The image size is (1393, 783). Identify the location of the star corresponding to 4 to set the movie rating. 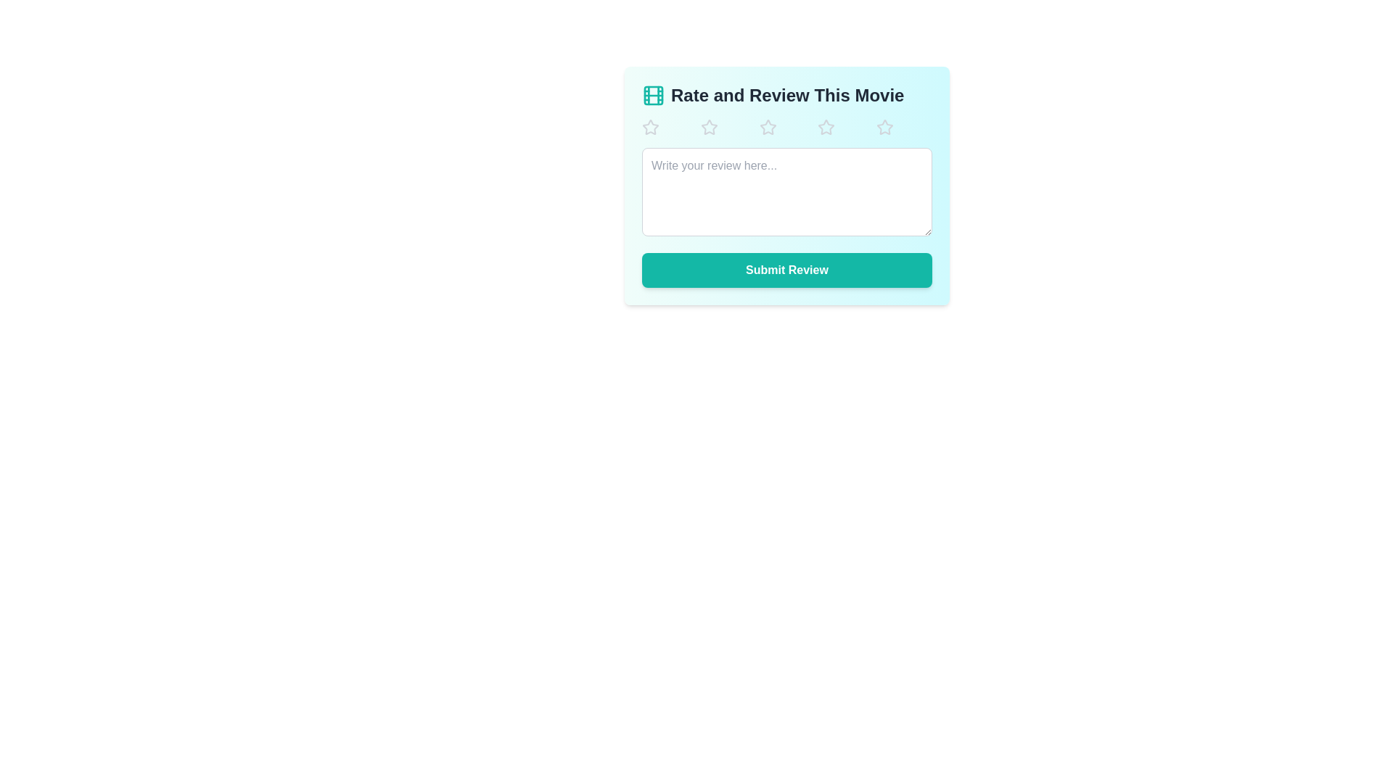
(846, 127).